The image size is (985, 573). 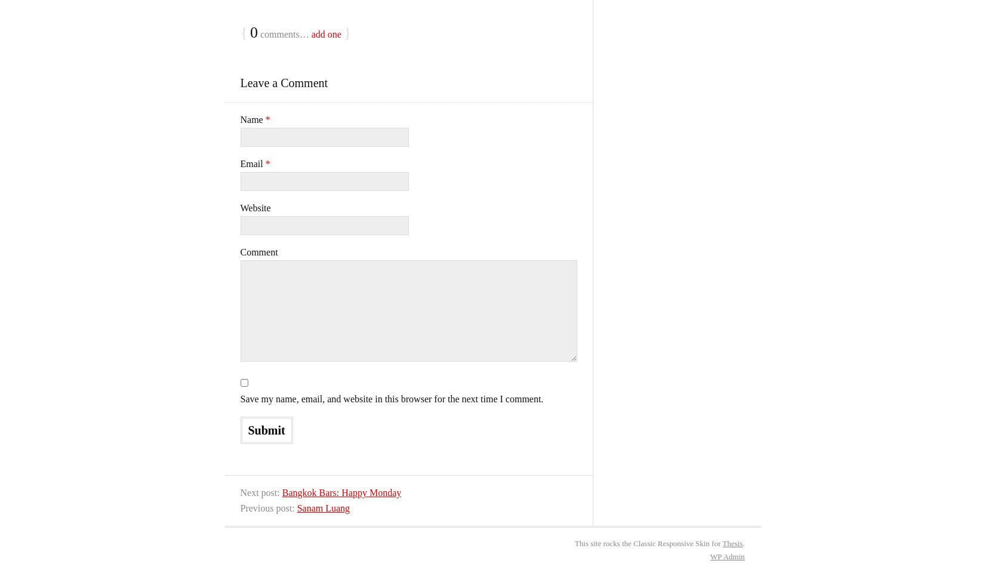 What do you see at coordinates (322, 507) in the screenshot?
I see `'Sanam Luang'` at bounding box center [322, 507].